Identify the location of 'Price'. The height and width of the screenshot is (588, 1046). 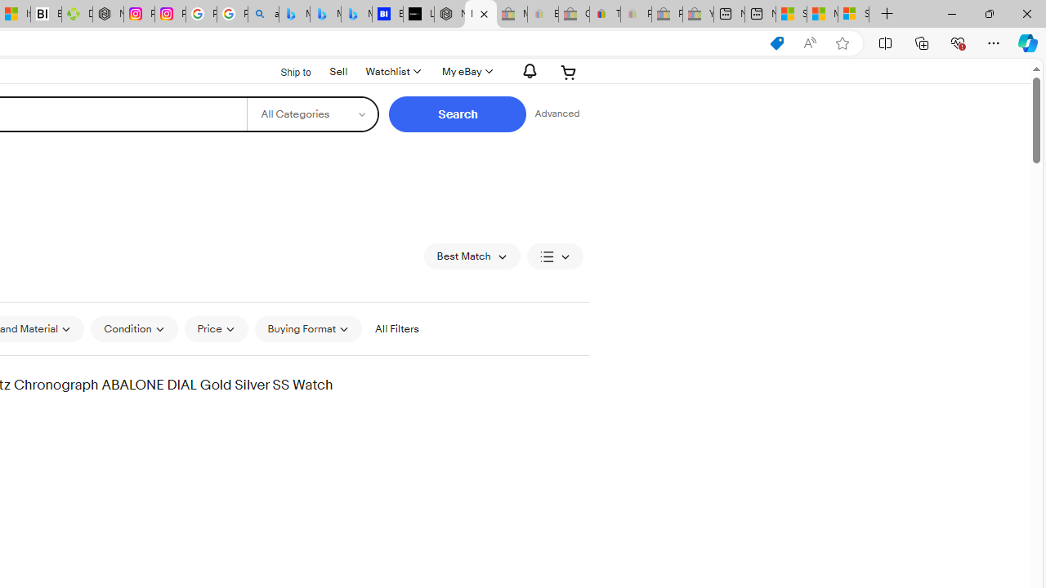
(215, 328).